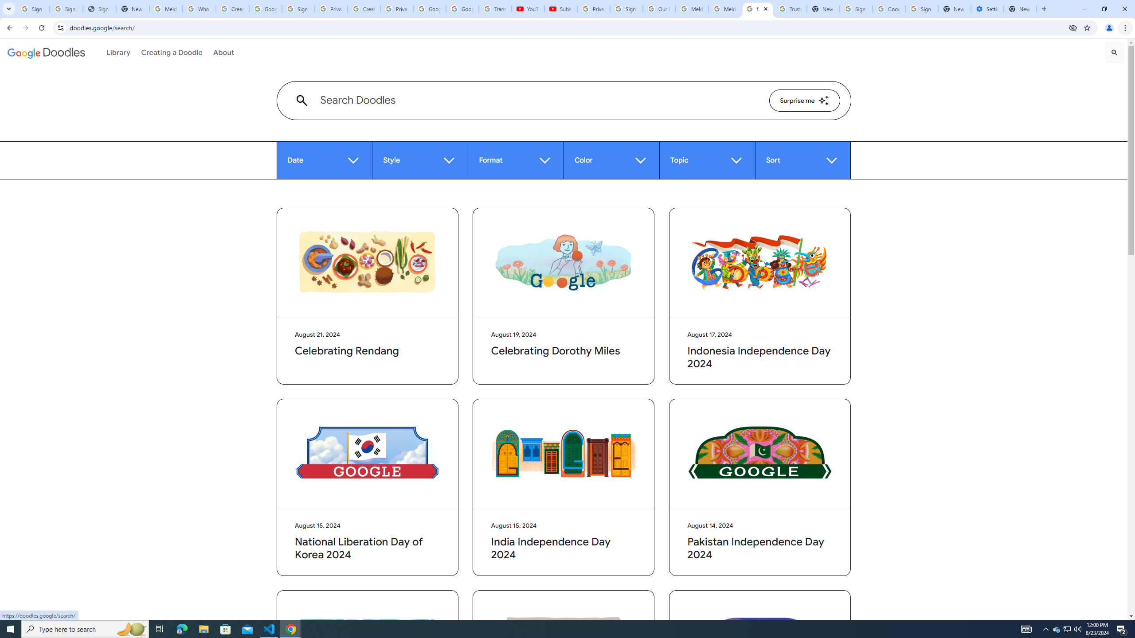 The width and height of the screenshot is (1135, 638). I want to click on 'Library', so click(118, 52).